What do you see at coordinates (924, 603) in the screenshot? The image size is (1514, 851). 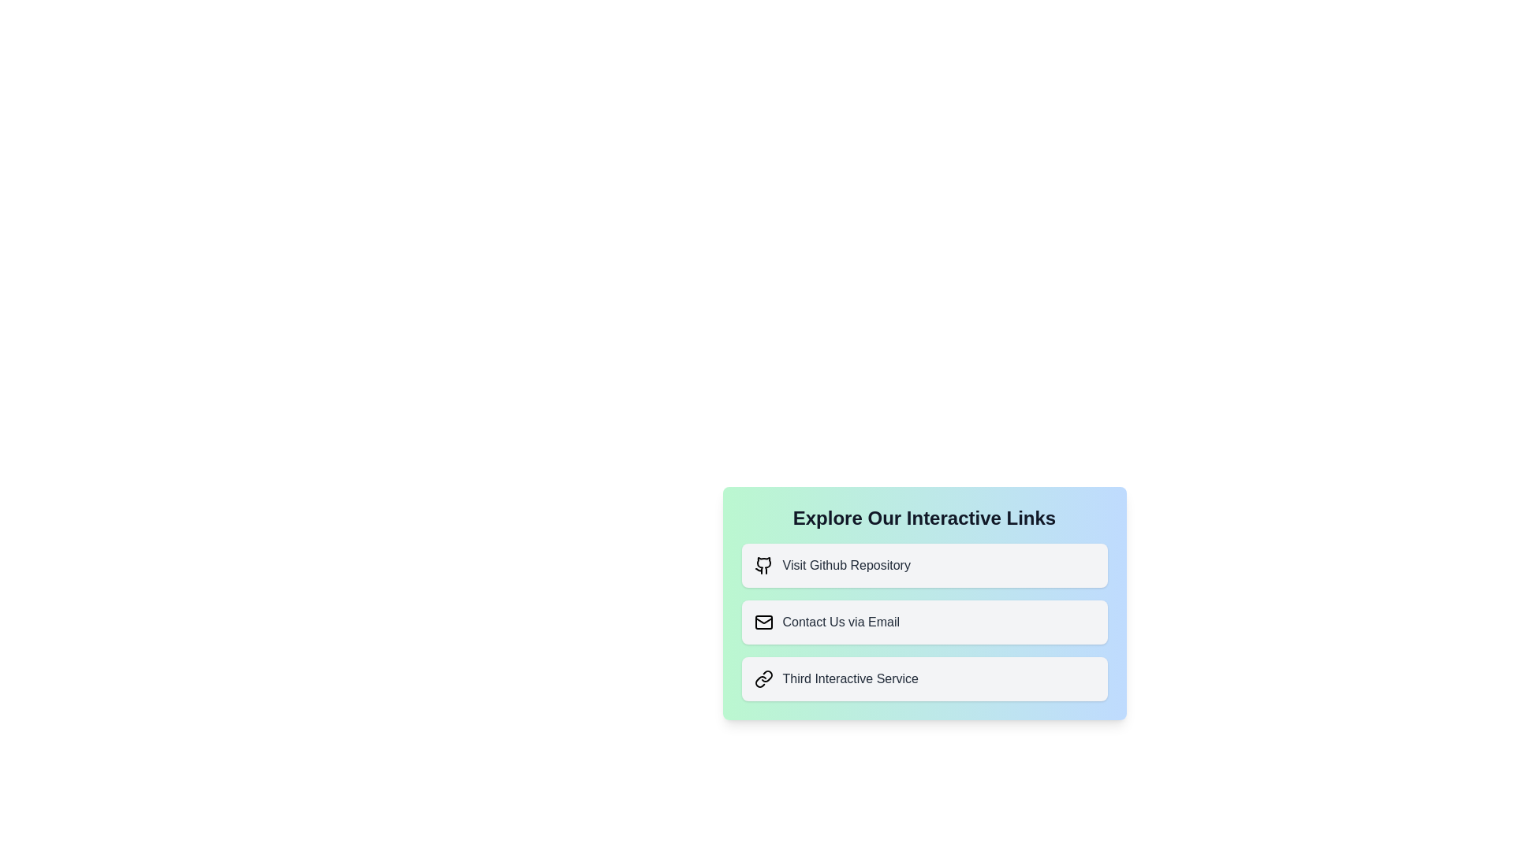 I see `the email communication button-like link located in the highlighted section 'Explore Our Interactive Links'` at bounding box center [924, 603].